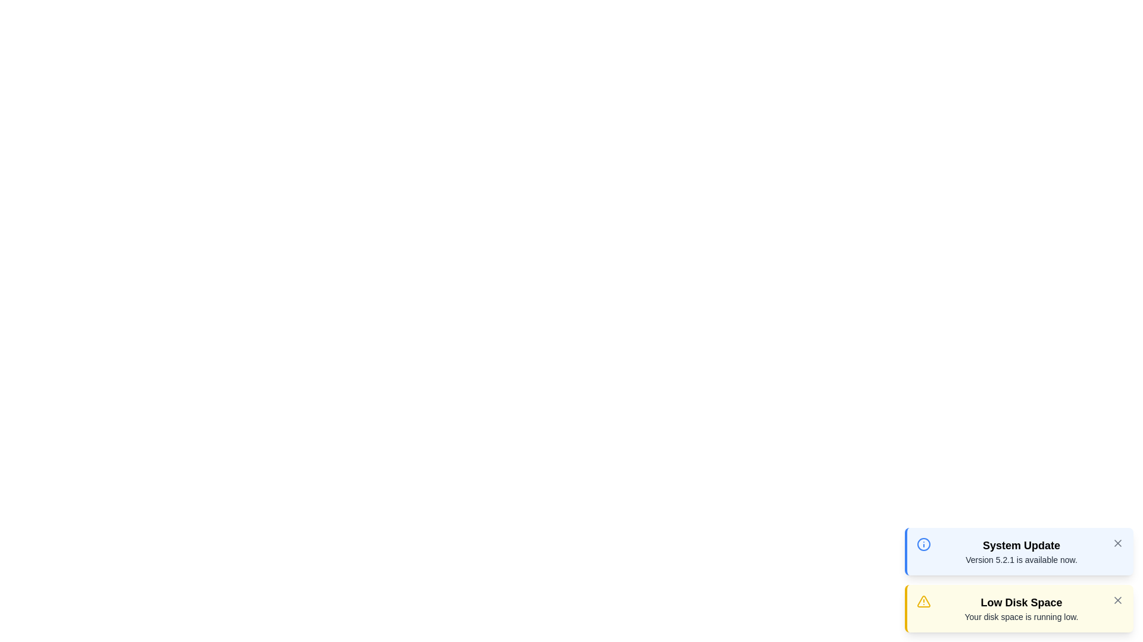 The image size is (1143, 642). Describe the element at coordinates (1019, 552) in the screenshot. I see `the notification panel element System Update` at that location.